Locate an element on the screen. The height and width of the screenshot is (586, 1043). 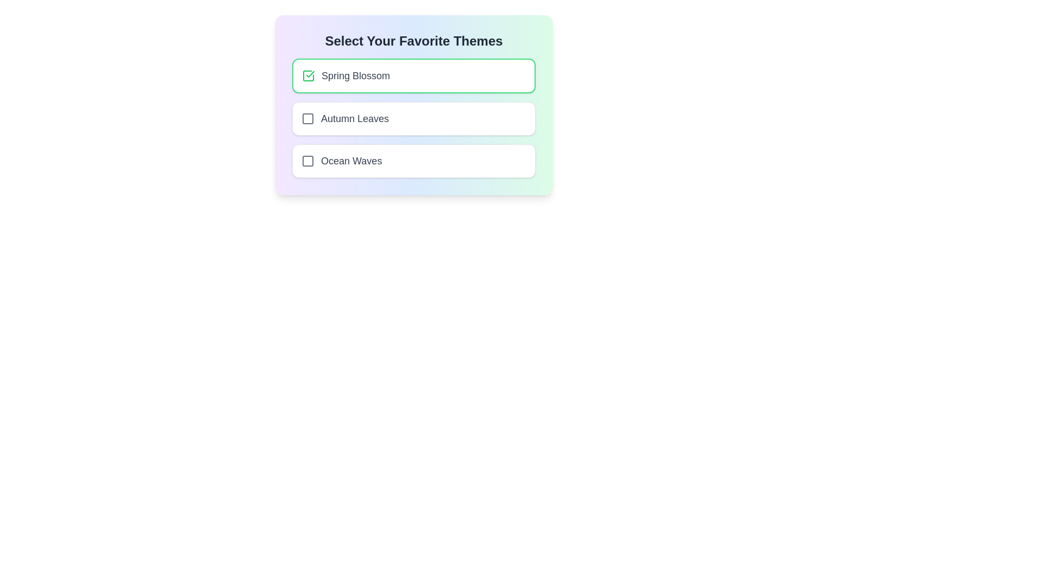
the theme Spring Blossom by clicking on its checkbox or label is located at coordinates (413, 75).